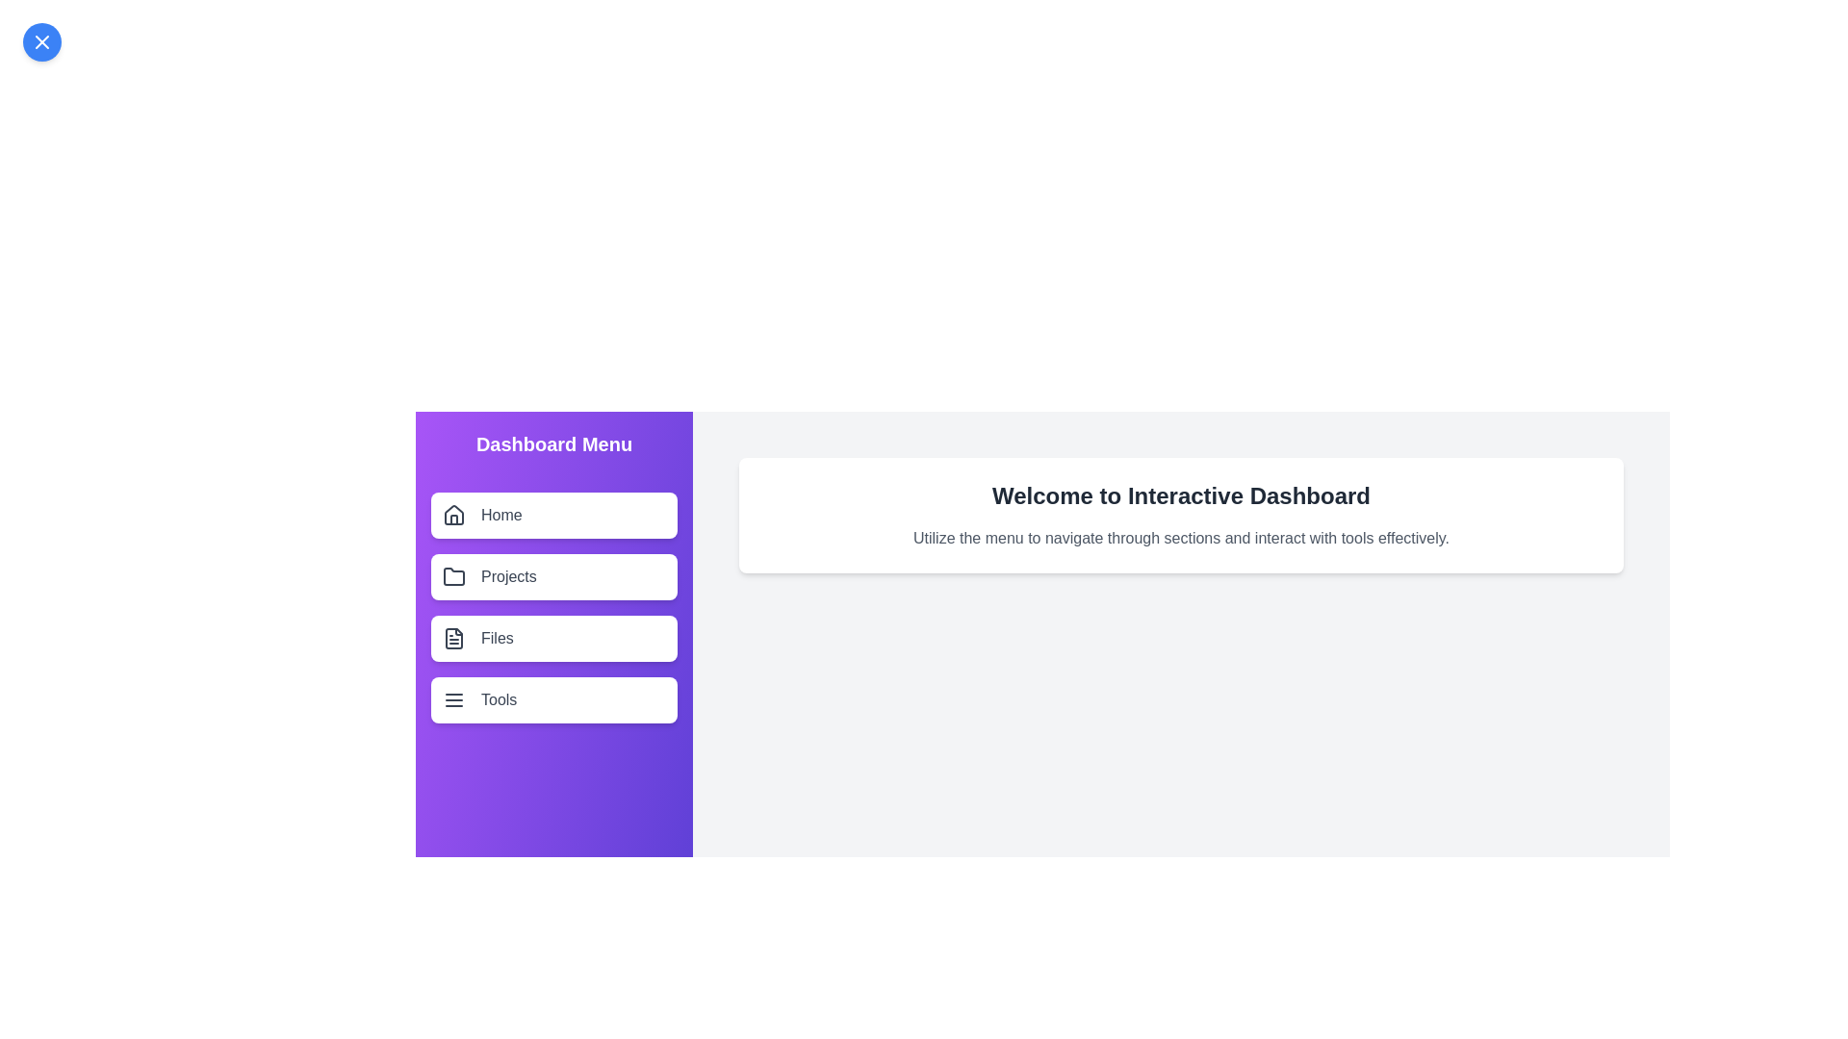 The width and height of the screenshot is (1848, 1039). Describe the element at coordinates (41, 41) in the screenshot. I see `top-left button to toggle the side menu visibility` at that location.